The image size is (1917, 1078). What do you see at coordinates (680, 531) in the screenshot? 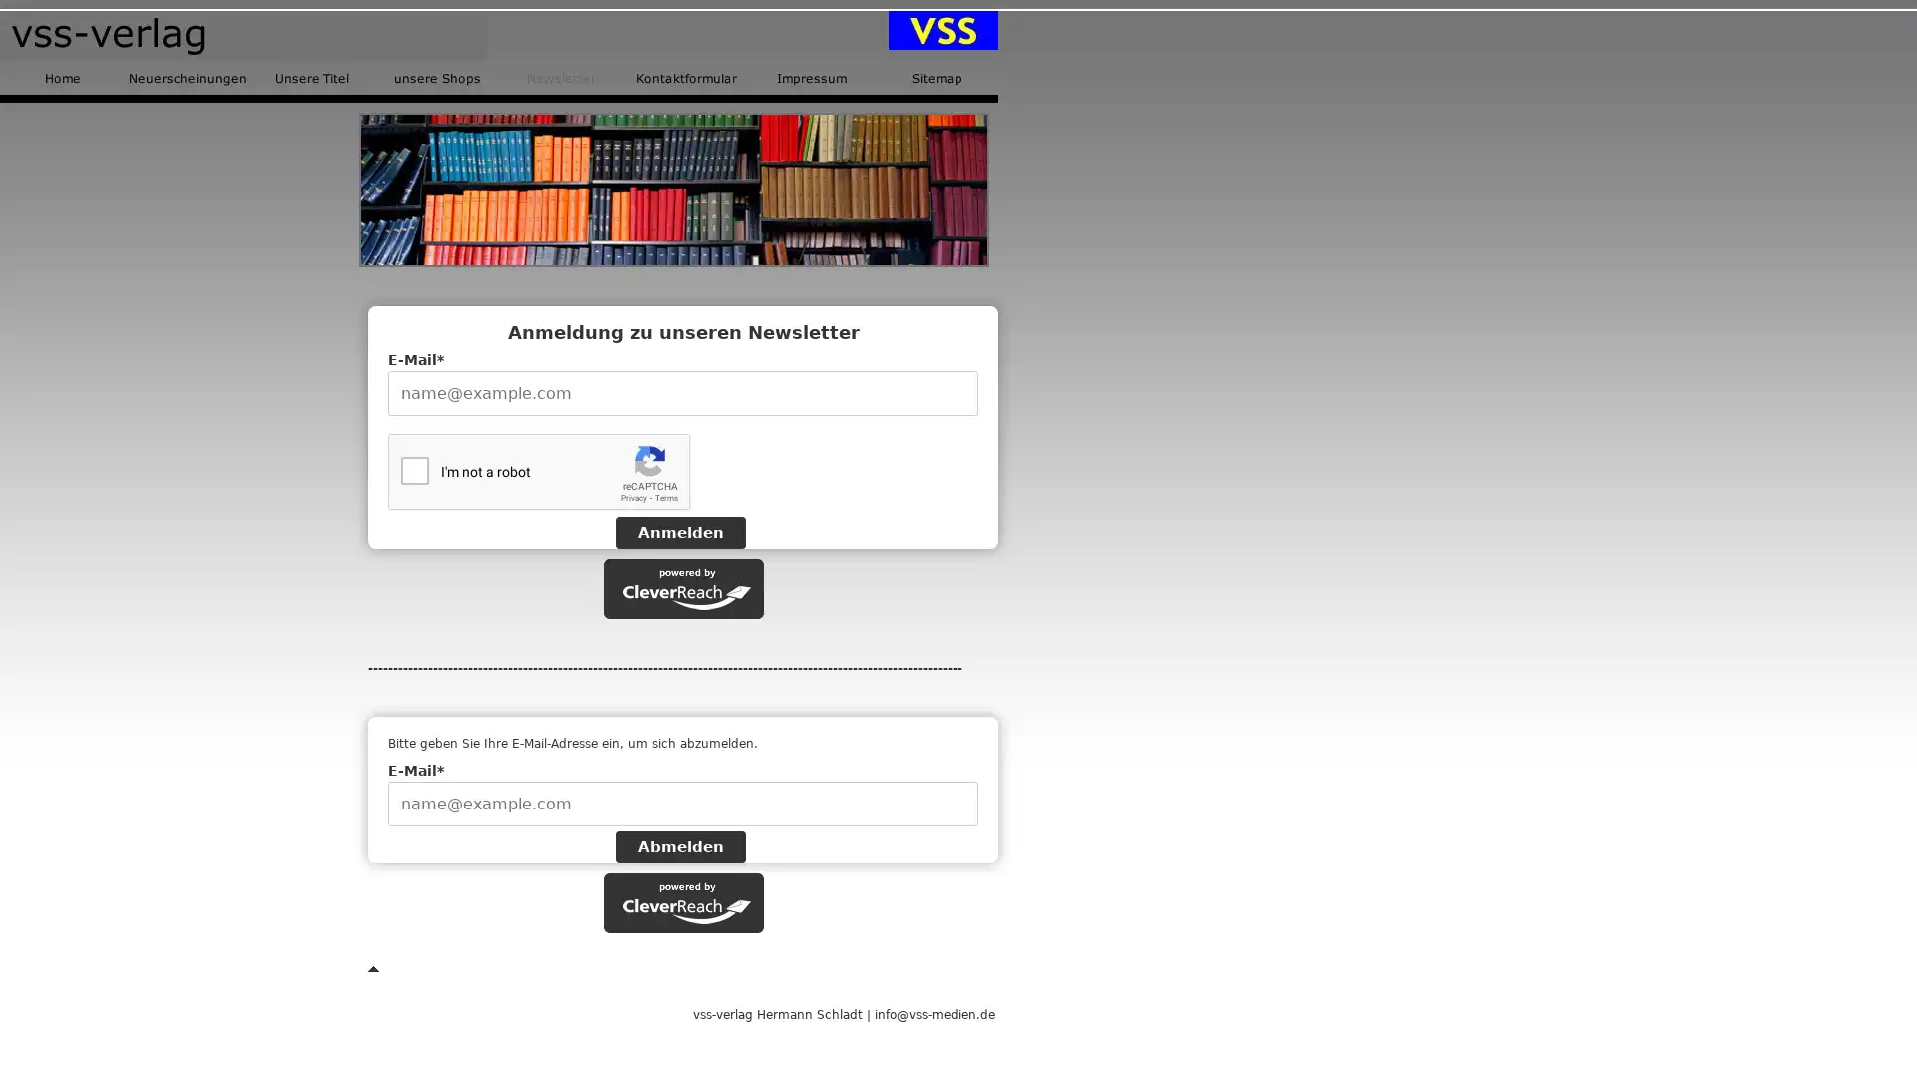
I see `Anmelden` at bounding box center [680, 531].